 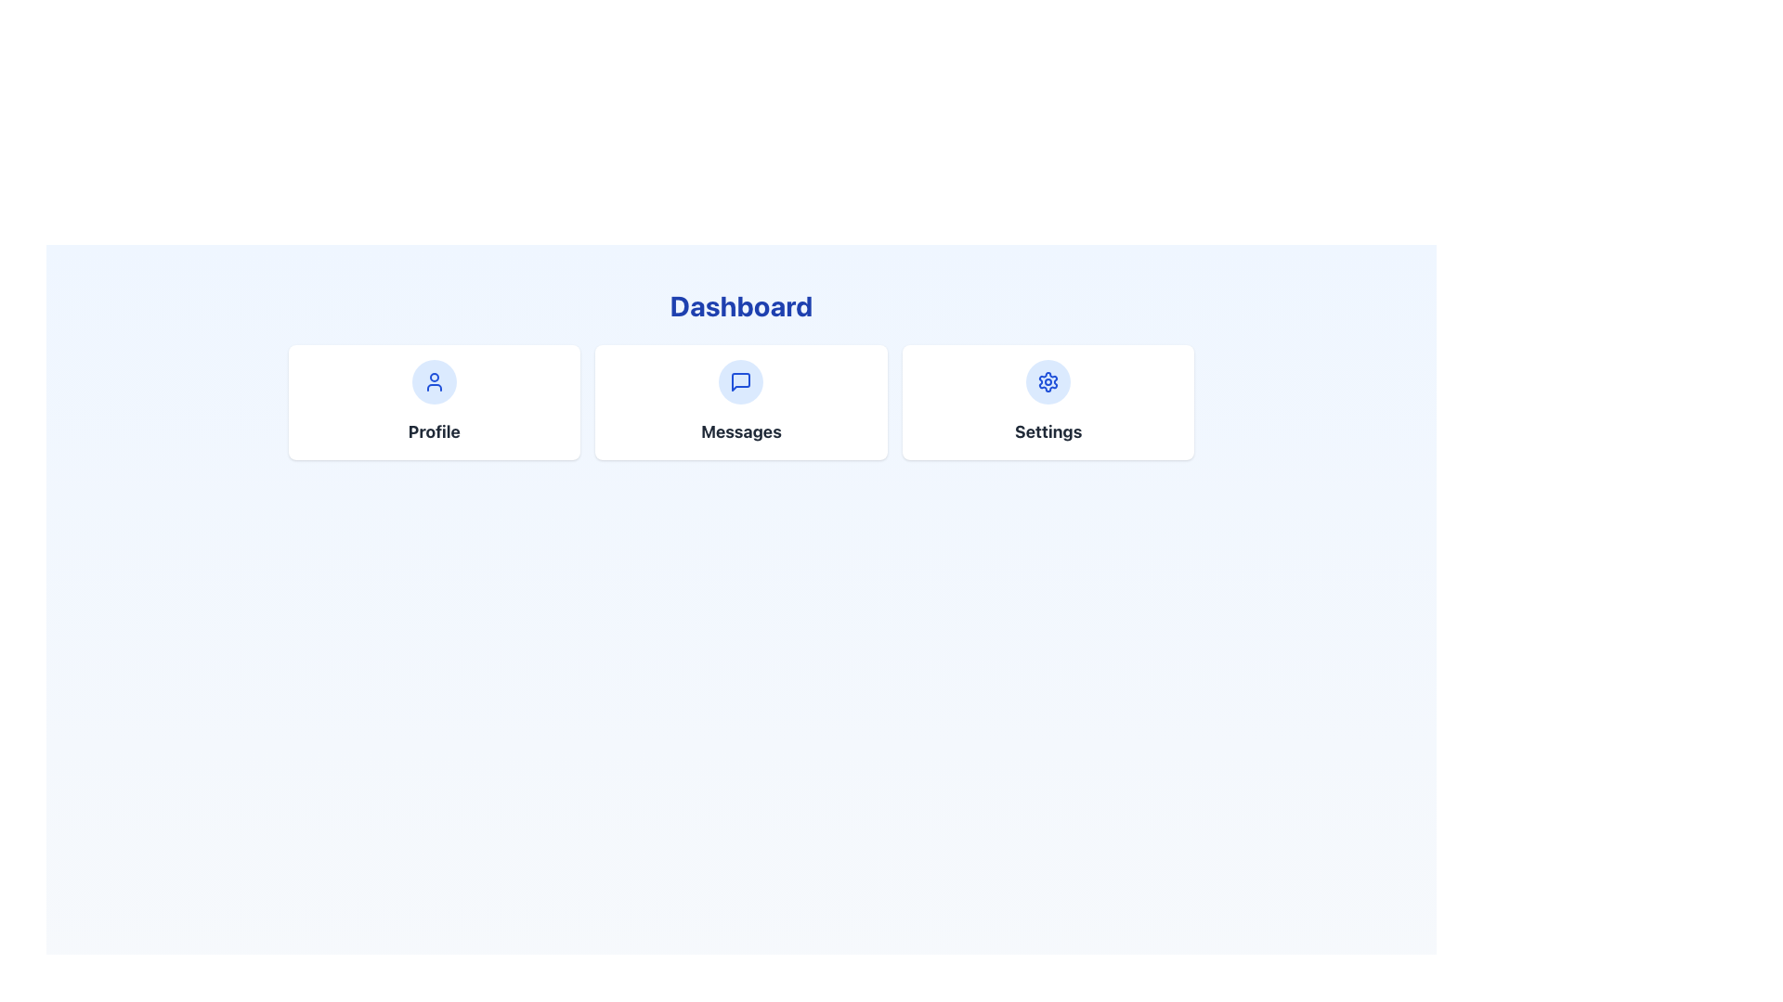 What do you see at coordinates (740, 432) in the screenshot?
I see `the 'Messages' text element, which is prominently displayed in bold, large dark gray font below the 'Dashboard' heading and above a message bubble icon` at bounding box center [740, 432].